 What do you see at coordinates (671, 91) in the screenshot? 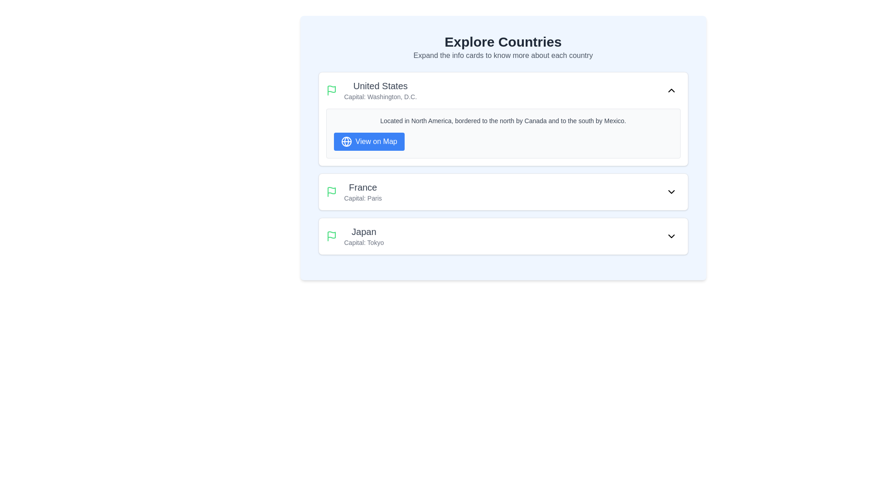
I see `the upward-pointing chevron icon button located at the top-right corner of the 'United States' card in the 'Explore Countries' section` at bounding box center [671, 91].